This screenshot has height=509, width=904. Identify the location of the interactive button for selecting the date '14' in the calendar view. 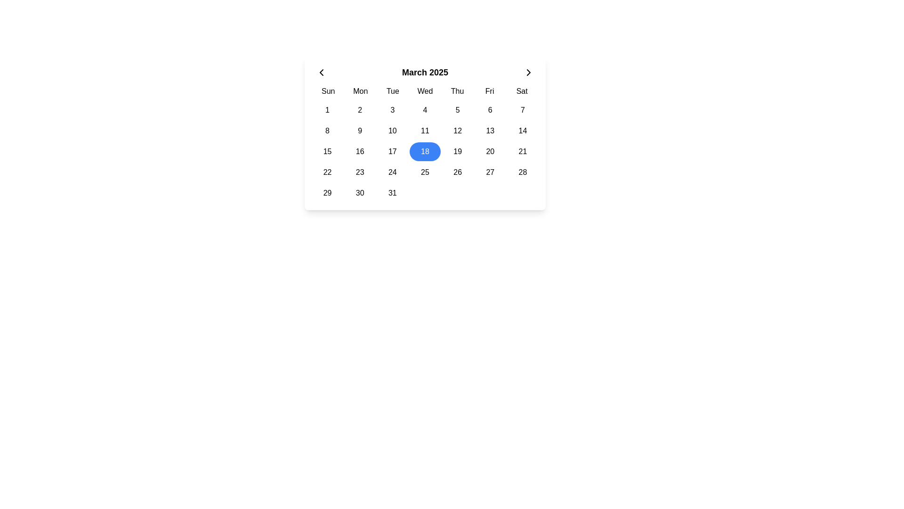
(522, 131).